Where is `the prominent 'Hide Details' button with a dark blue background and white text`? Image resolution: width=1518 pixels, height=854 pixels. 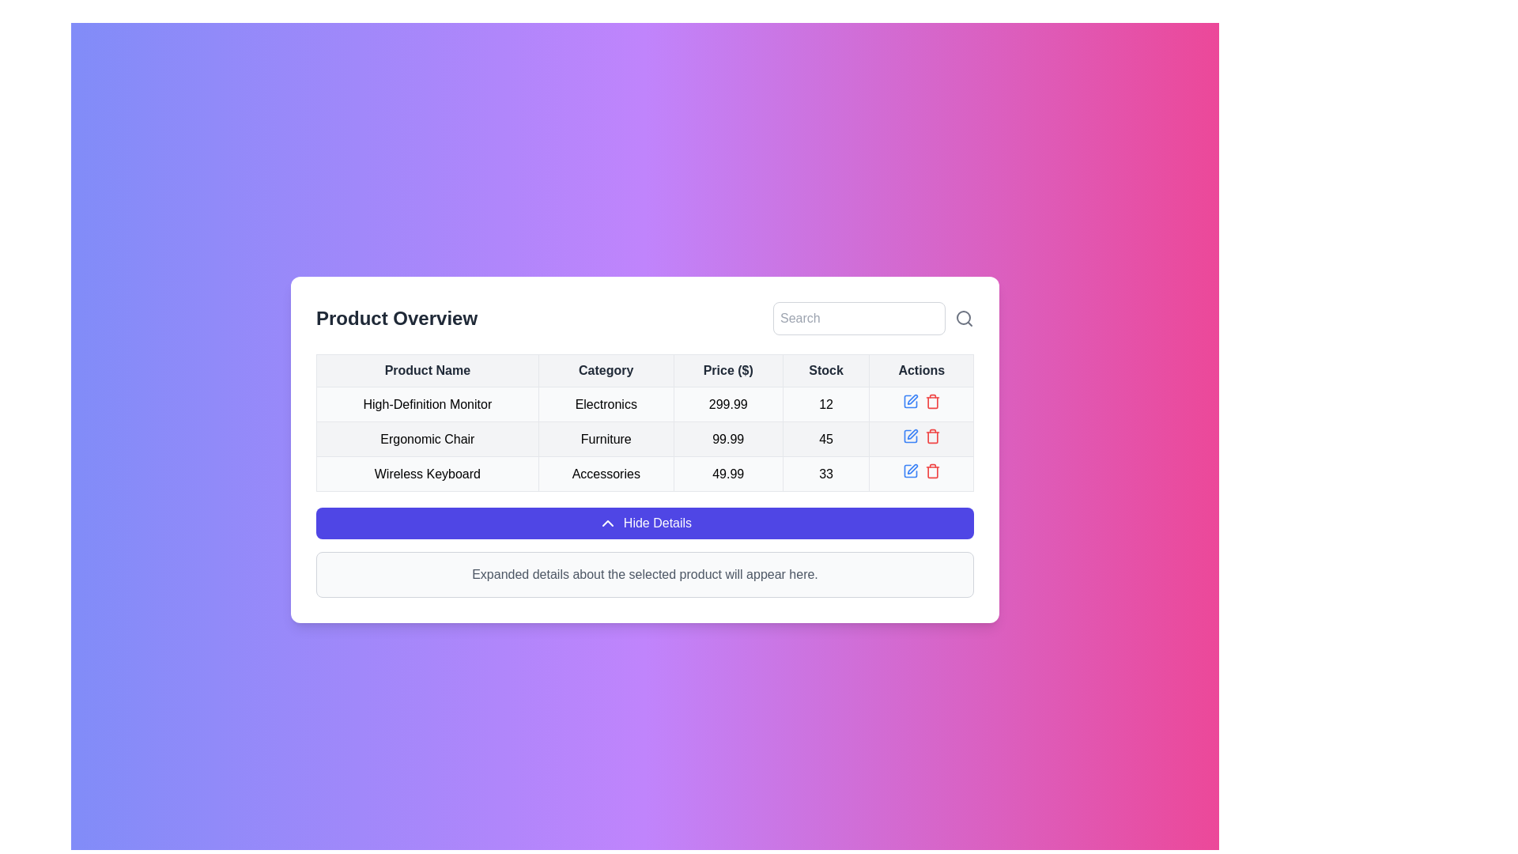 the prominent 'Hide Details' button with a dark blue background and white text is located at coordinates (645, 523).